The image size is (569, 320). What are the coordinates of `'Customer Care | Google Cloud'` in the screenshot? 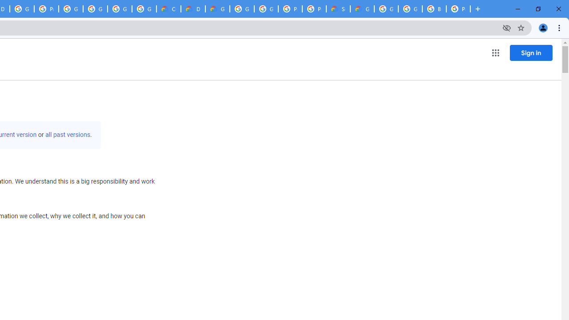 It's located at (168, 9).